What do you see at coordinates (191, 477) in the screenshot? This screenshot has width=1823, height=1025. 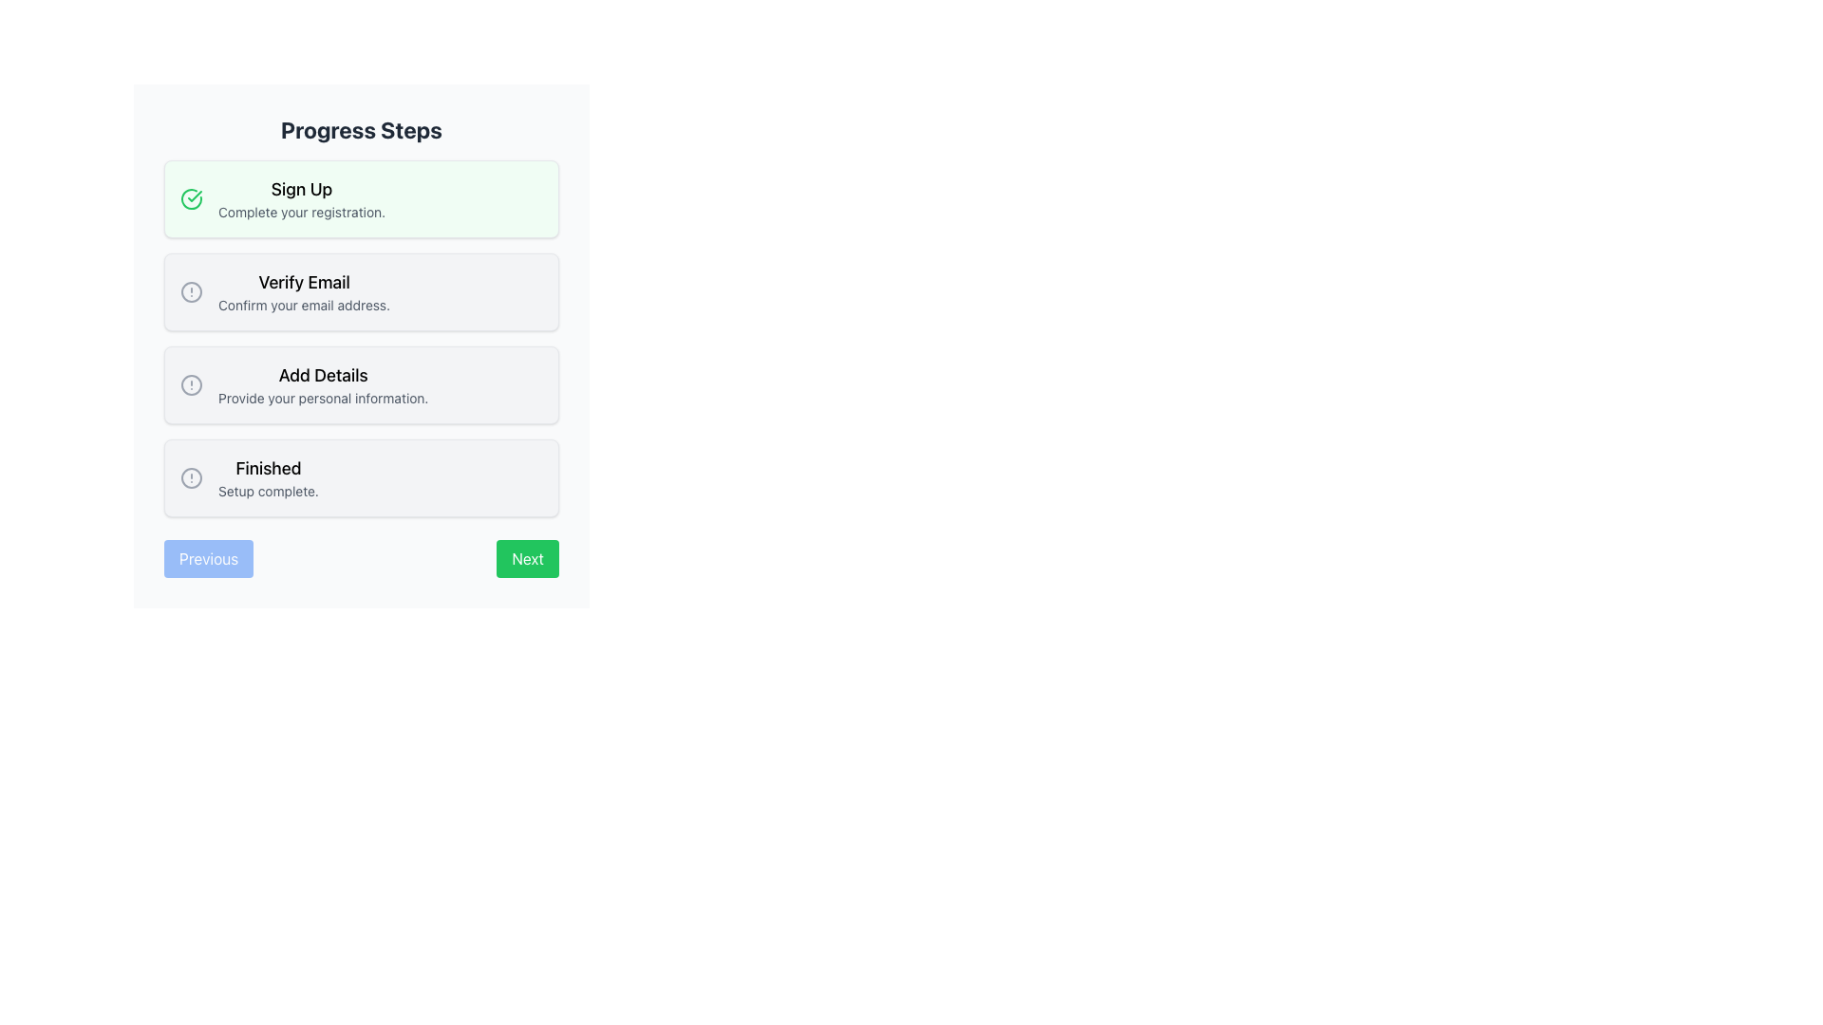 I see `the accessibility icon located in the 'Finished' section` at bounding box center [191, 477].